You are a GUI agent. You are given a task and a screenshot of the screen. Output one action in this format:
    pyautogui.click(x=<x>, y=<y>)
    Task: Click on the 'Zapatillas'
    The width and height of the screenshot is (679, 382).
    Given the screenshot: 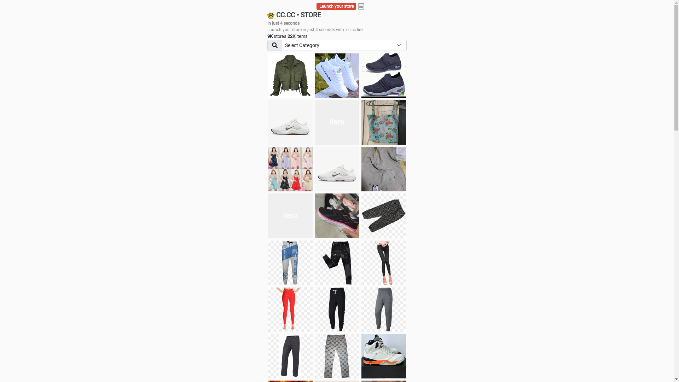 What is the action you would take?
    pyautogui.click(x=337, y=215)
    